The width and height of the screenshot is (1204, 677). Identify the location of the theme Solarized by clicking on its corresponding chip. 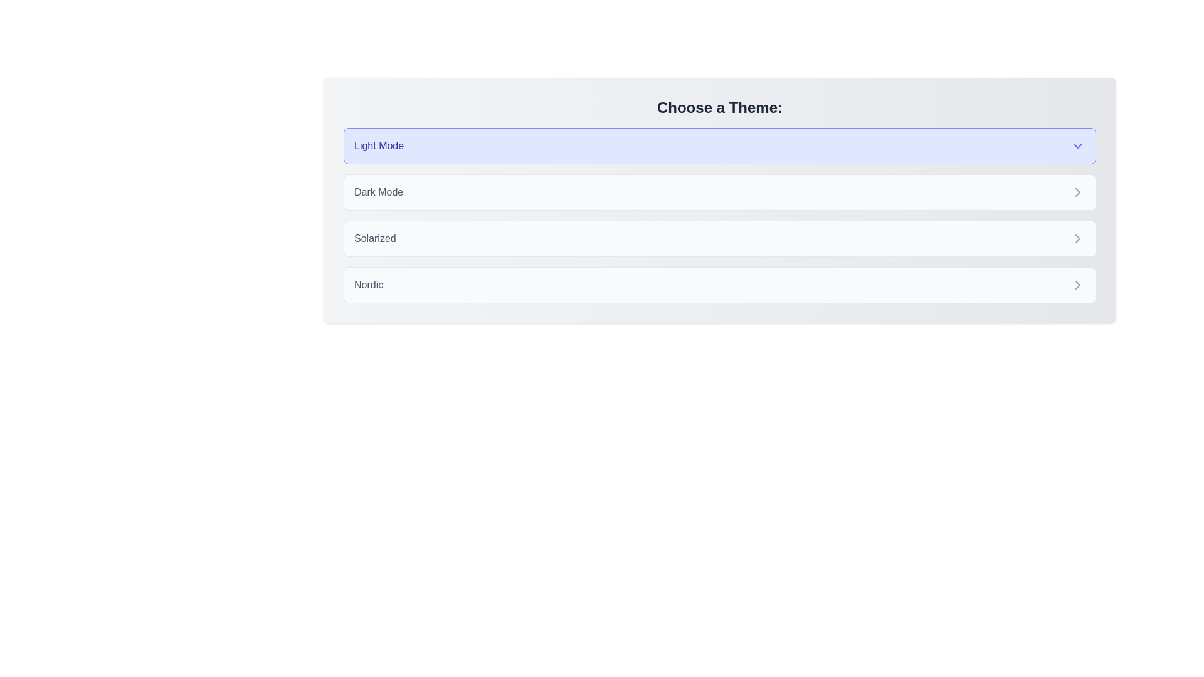
(719, 239).